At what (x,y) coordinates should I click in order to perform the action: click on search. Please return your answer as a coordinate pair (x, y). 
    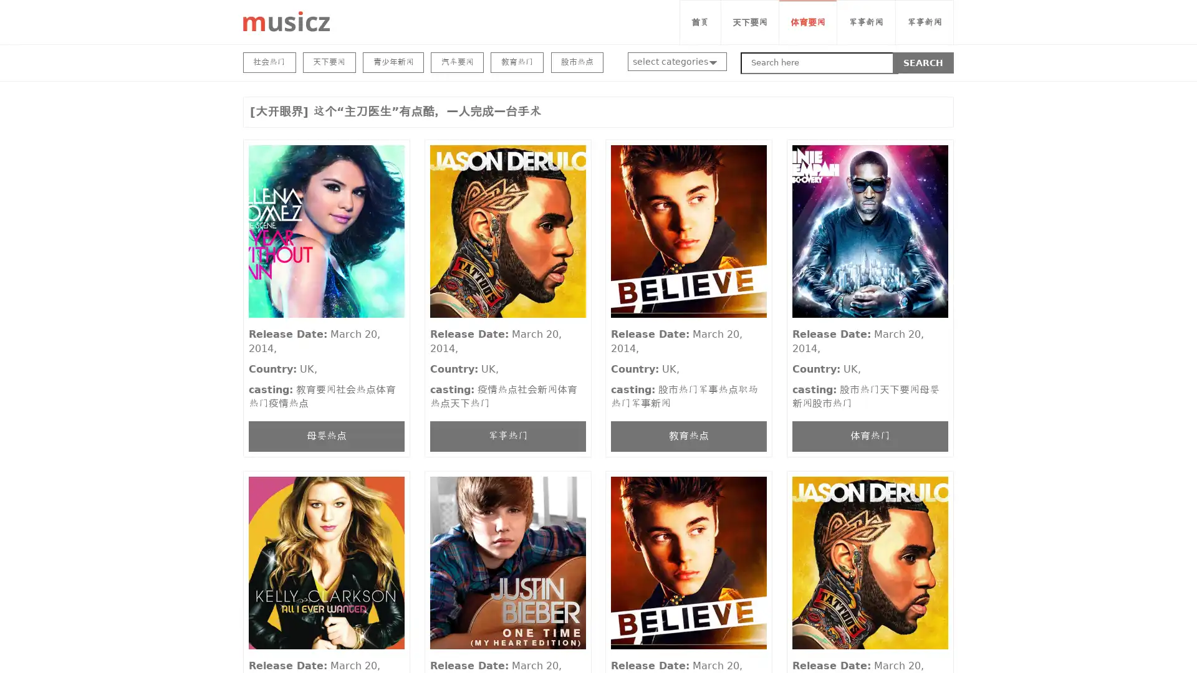
    Looking at the image, I should click on (923, 62).